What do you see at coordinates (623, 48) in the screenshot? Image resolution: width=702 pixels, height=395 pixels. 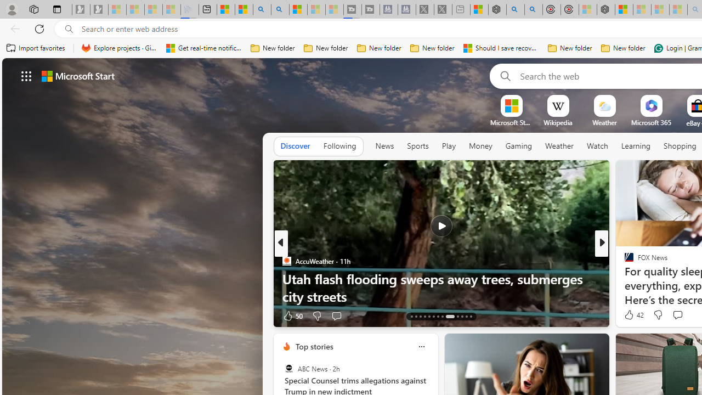 I see `'New folder'` at bounding box center [623, 48].